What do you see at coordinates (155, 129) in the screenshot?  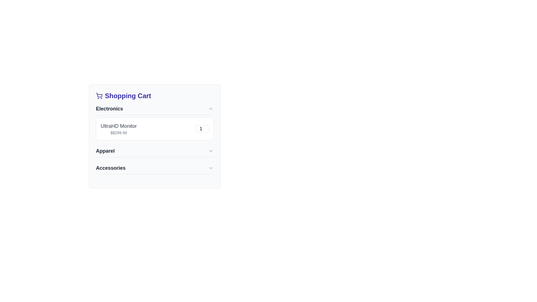 I see `the Product display card` at bounding box center [155, 129].